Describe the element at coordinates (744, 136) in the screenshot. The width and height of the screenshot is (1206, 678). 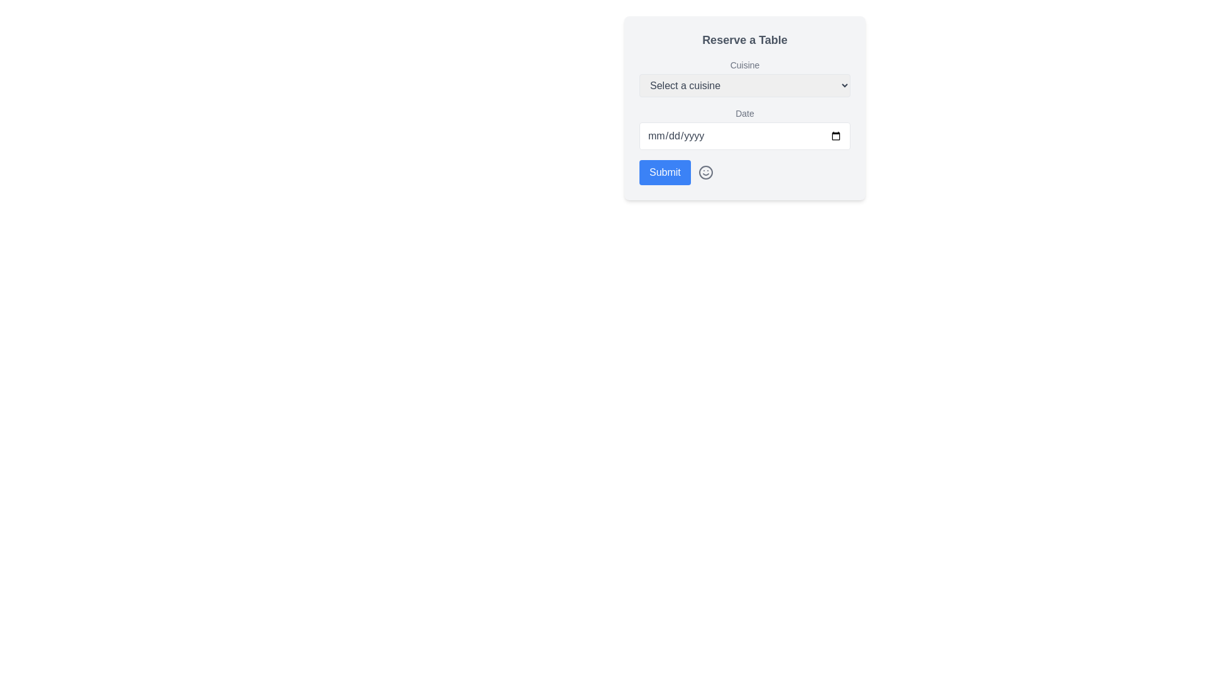
I see `the Date input field located beneath the 'Date' label in the 'Reserve a Table' form using the keyboard` at that location.